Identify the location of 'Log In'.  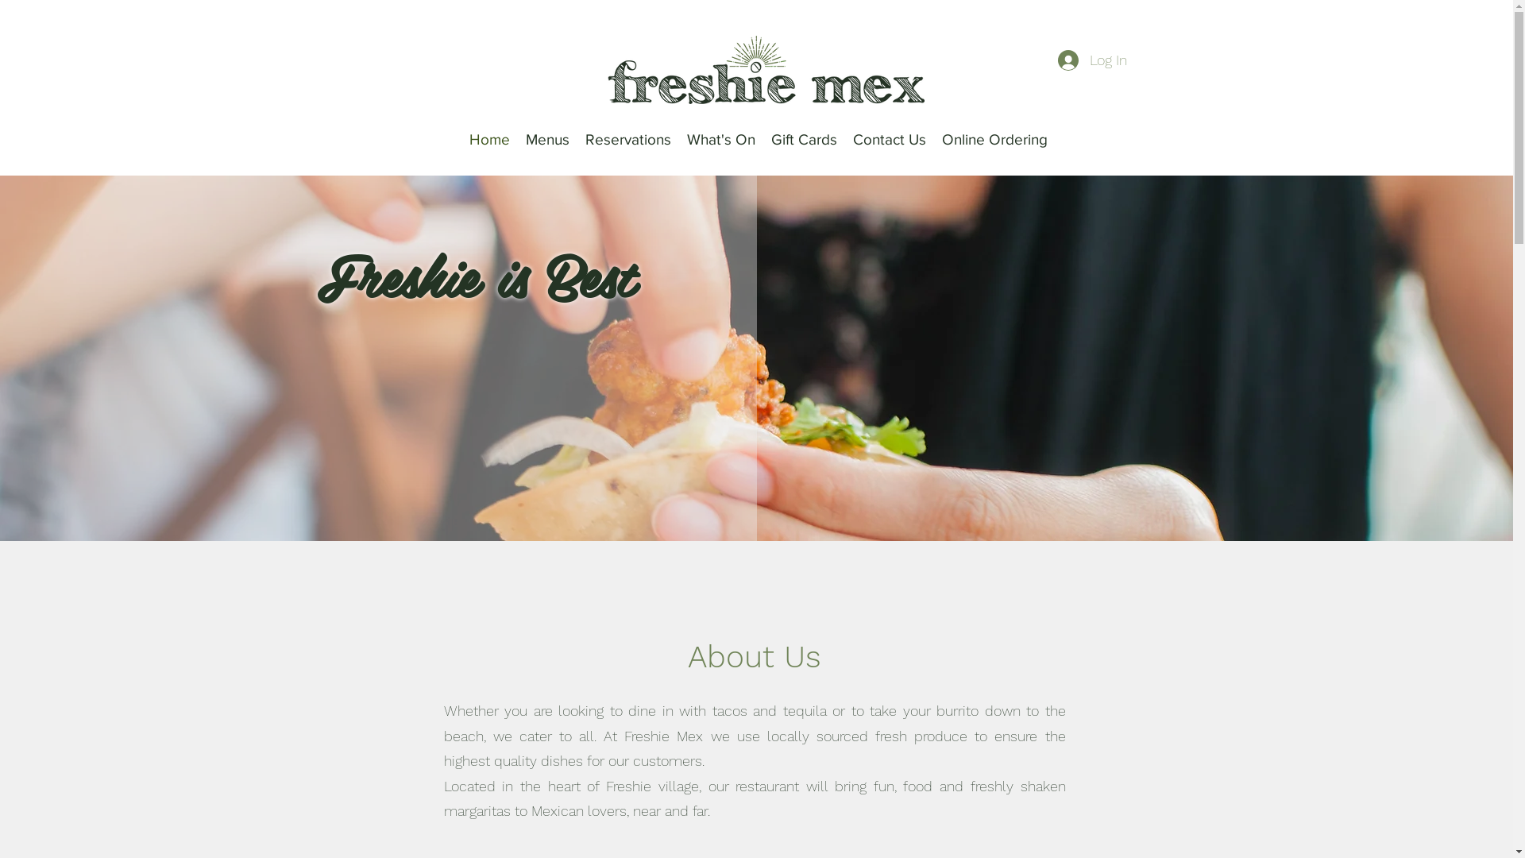
(1091, 60).